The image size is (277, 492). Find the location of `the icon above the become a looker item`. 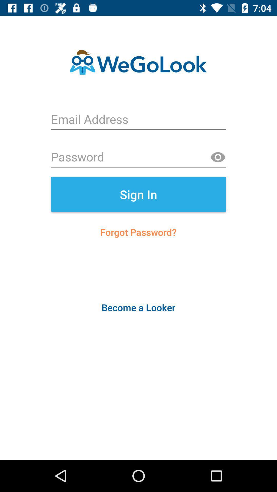

the icon above the become a looker item is located at coordinates (138, 232).